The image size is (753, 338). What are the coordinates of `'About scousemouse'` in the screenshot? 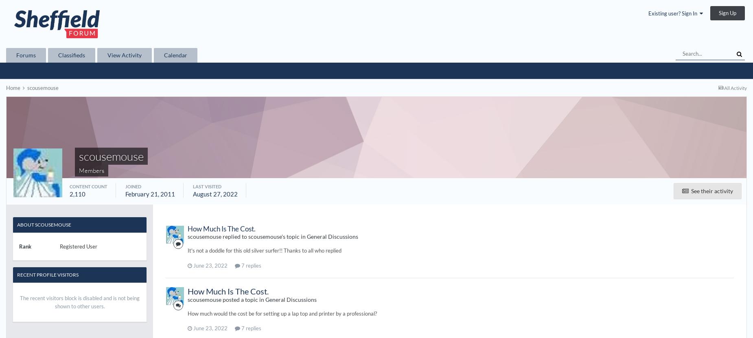 It's located at (44, 224).